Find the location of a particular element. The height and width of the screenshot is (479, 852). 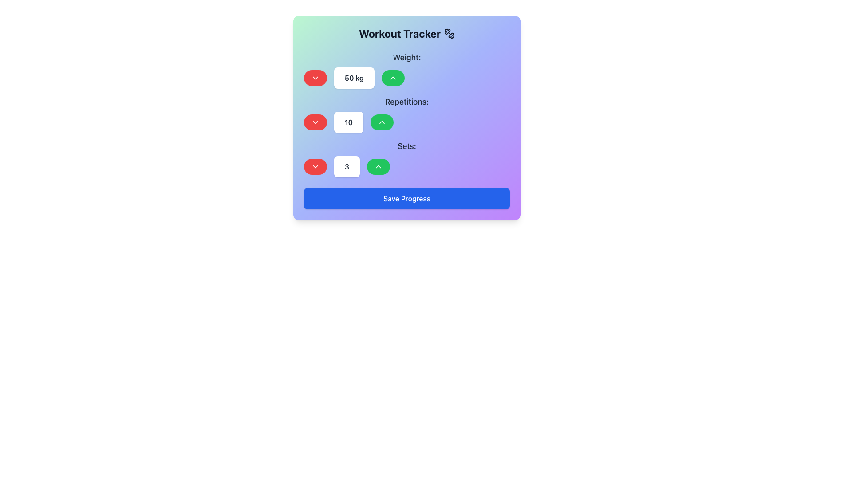

the decrement button located in the third row of the numeric control section, to the left of the 'Sets' input box, to decrement the 'Sets' value is located at coordinates (315, 166).